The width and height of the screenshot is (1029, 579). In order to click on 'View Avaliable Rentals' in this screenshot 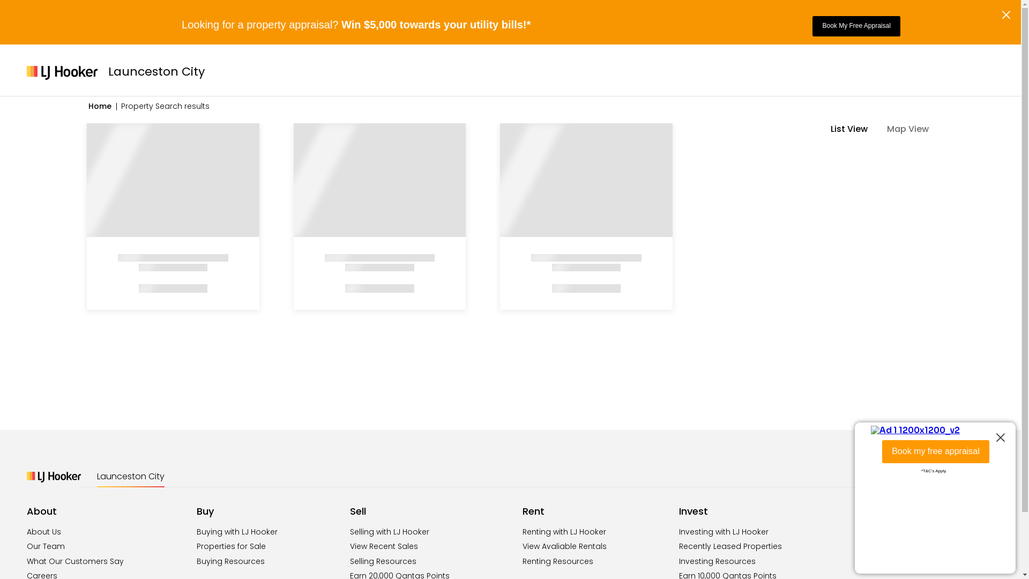, I will do `click(522, 546)`.